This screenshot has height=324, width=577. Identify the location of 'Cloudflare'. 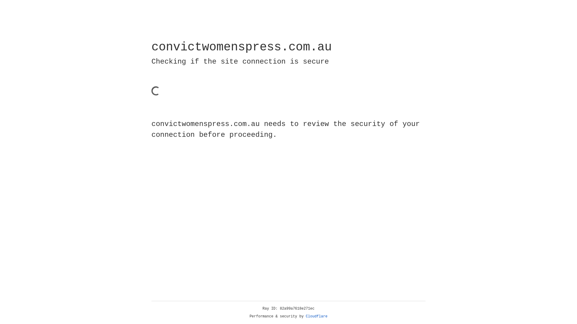
(316, 316).